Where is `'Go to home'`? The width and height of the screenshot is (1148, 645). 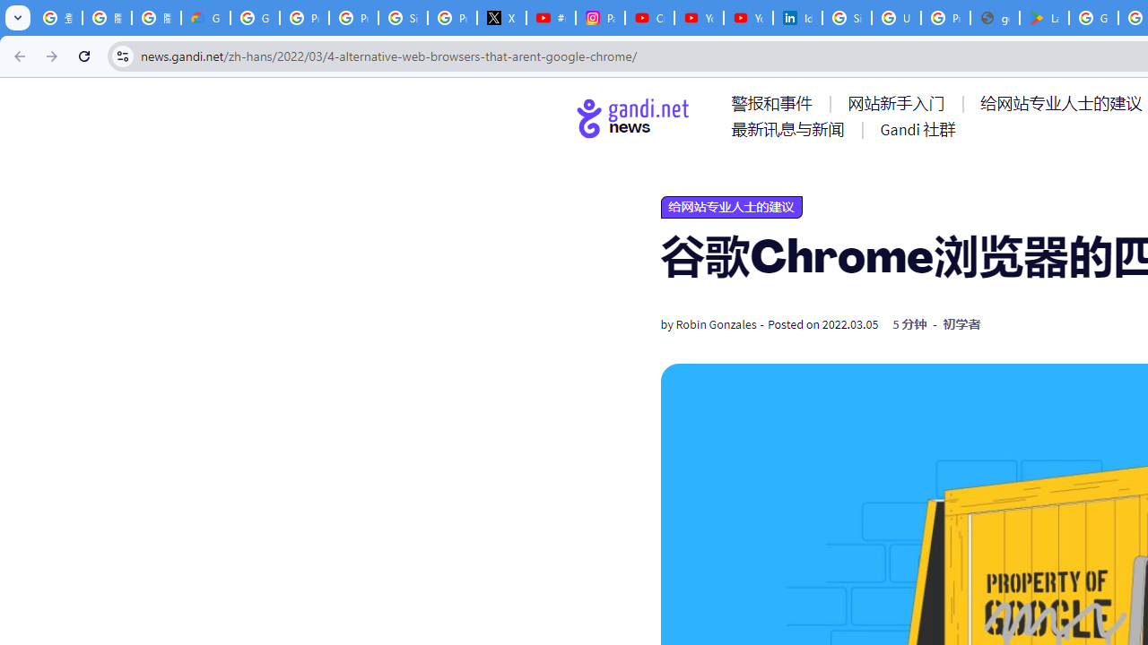
'Go to home' is located at coordinates (633, 117).